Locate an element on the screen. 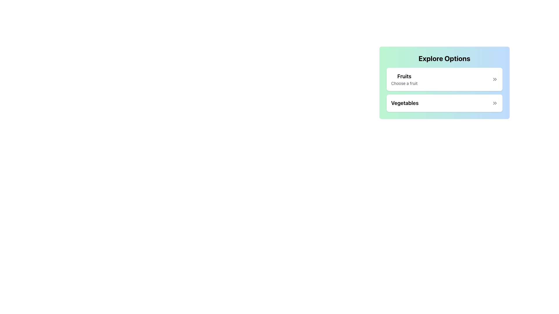  the chevron icon positioned at the far right of the rectangular box labeled 'Vegetables' is located at coordinates (494, 103).